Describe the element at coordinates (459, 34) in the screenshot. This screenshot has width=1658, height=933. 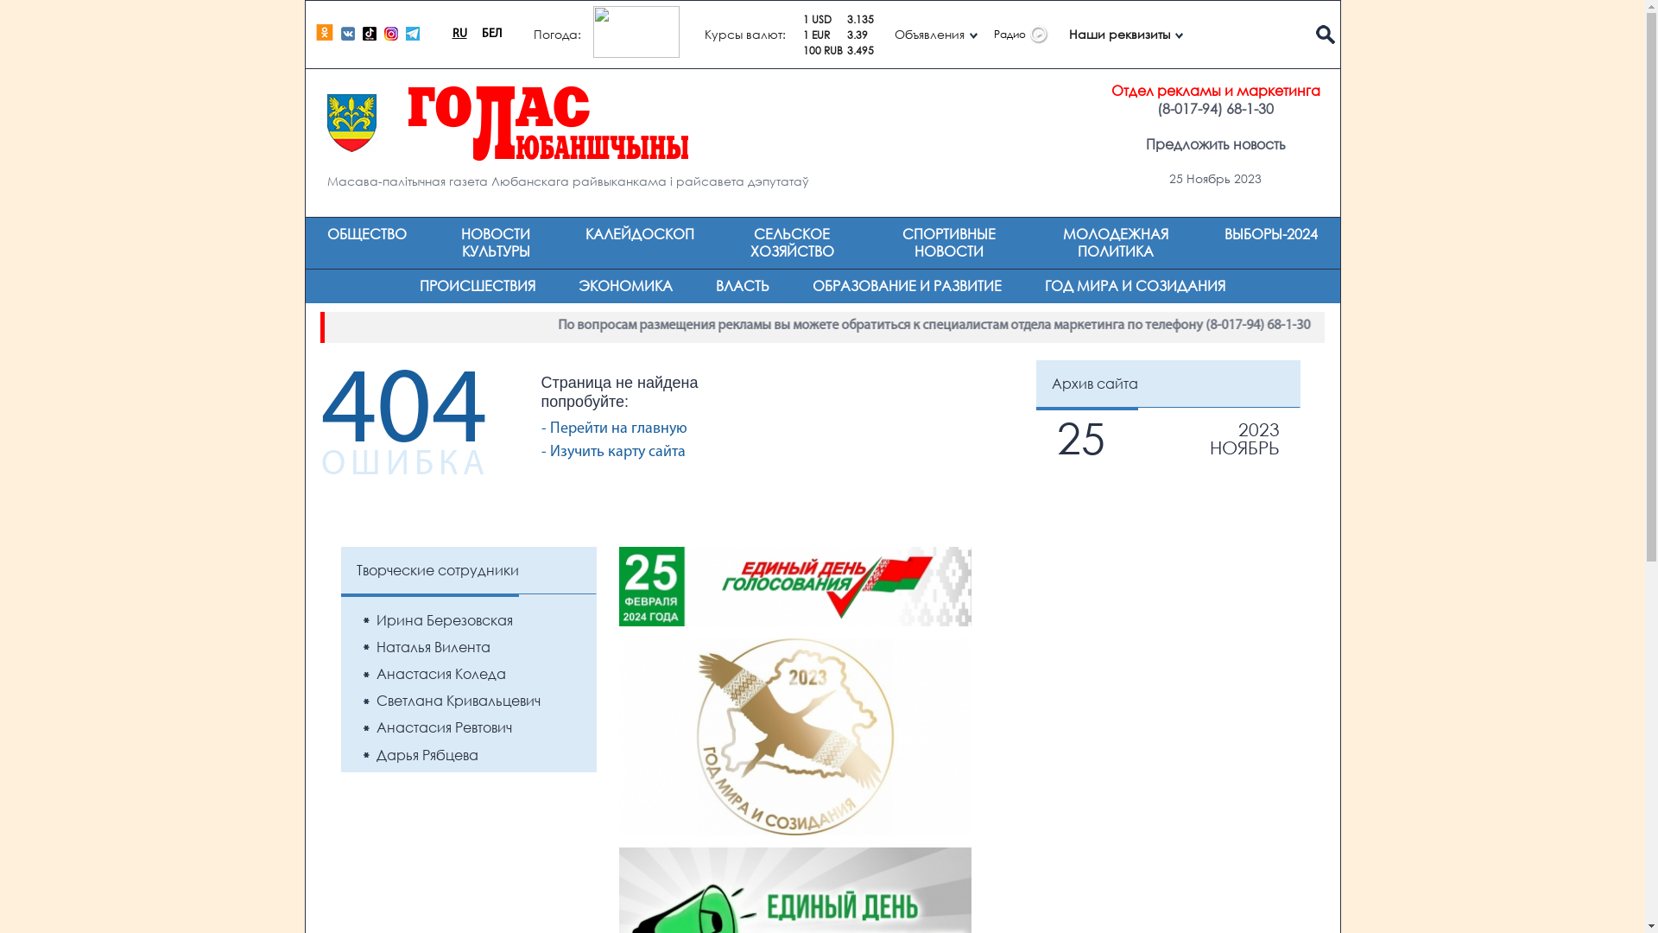
I see `'RU'` at that location.